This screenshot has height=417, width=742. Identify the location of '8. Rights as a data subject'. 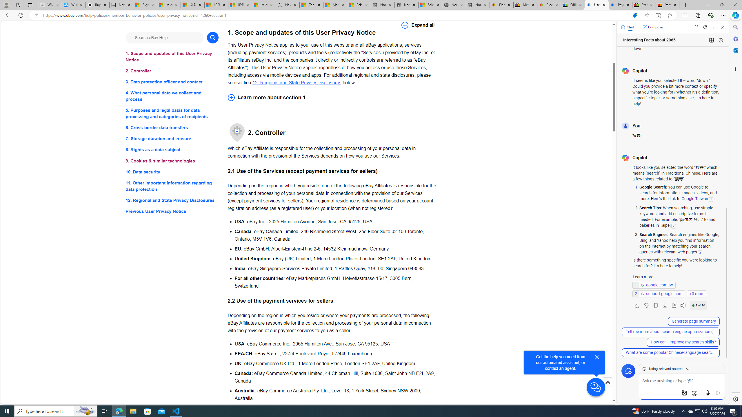
(172, 149).